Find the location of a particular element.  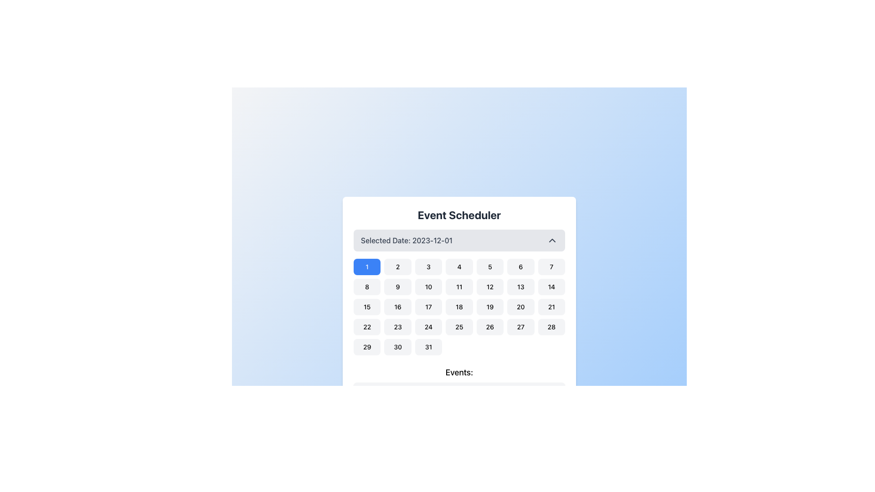

the rectangular button with rounded edges containing the number '10' is located at coordinates (428, 286).